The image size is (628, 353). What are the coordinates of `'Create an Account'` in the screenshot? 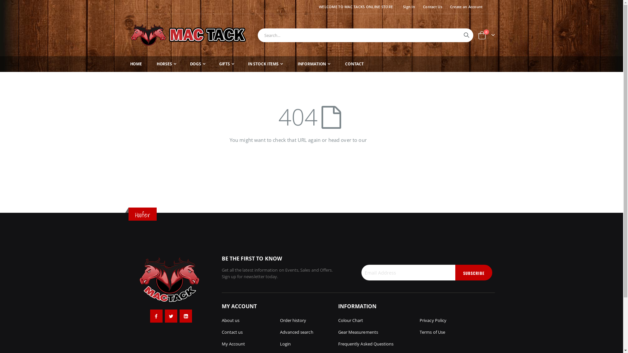 It's located at (464, 7).